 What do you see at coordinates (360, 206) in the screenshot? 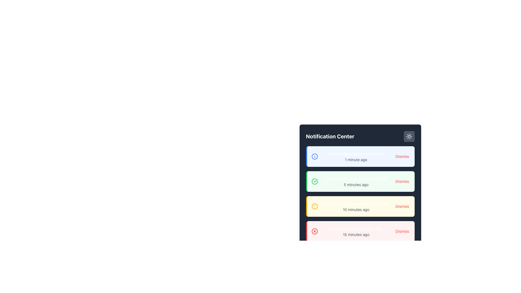
I see `the 'Dismiss' button on the third notification card in the 'Notification Center' panel` at bounding box center [360, 206].